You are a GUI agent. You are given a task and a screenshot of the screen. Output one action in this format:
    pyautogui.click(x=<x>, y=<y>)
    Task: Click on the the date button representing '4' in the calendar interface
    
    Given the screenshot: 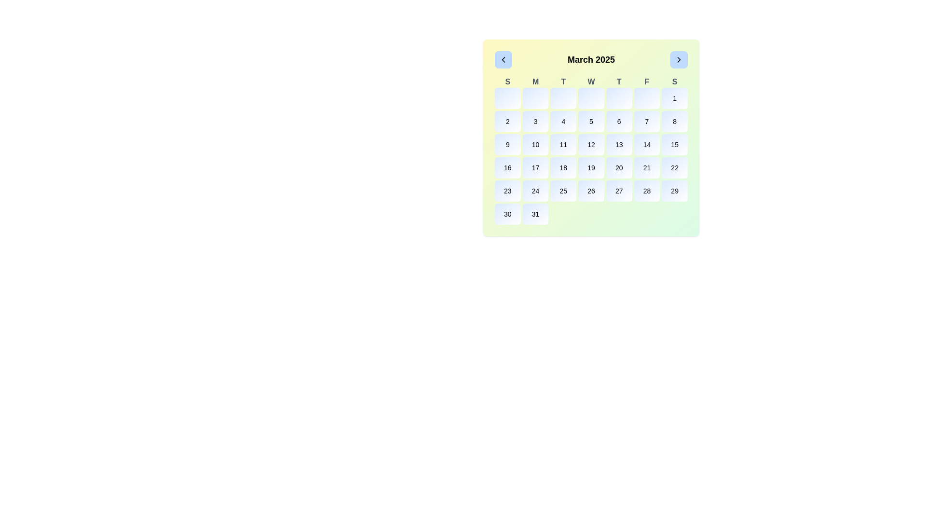 What is the action you would take?
    pyautogui.click(x=563, y=121)
    